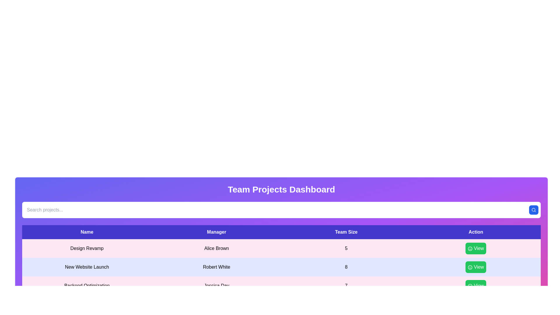 This screenshot has width=560, height=315. I want to click on the green rectangular button labeled 'View' in the 'Action' column of the table corresponding to the 'Backend Optimization' row, so click(476, 285).